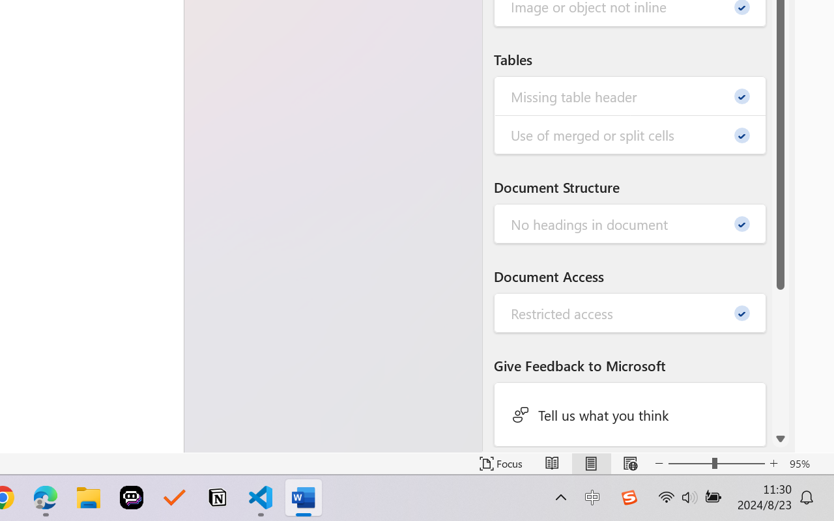 The image size is (834, 521). Describe the element at coordinates (781, 439) in the screenshot. I see `'Line down'` at that location.